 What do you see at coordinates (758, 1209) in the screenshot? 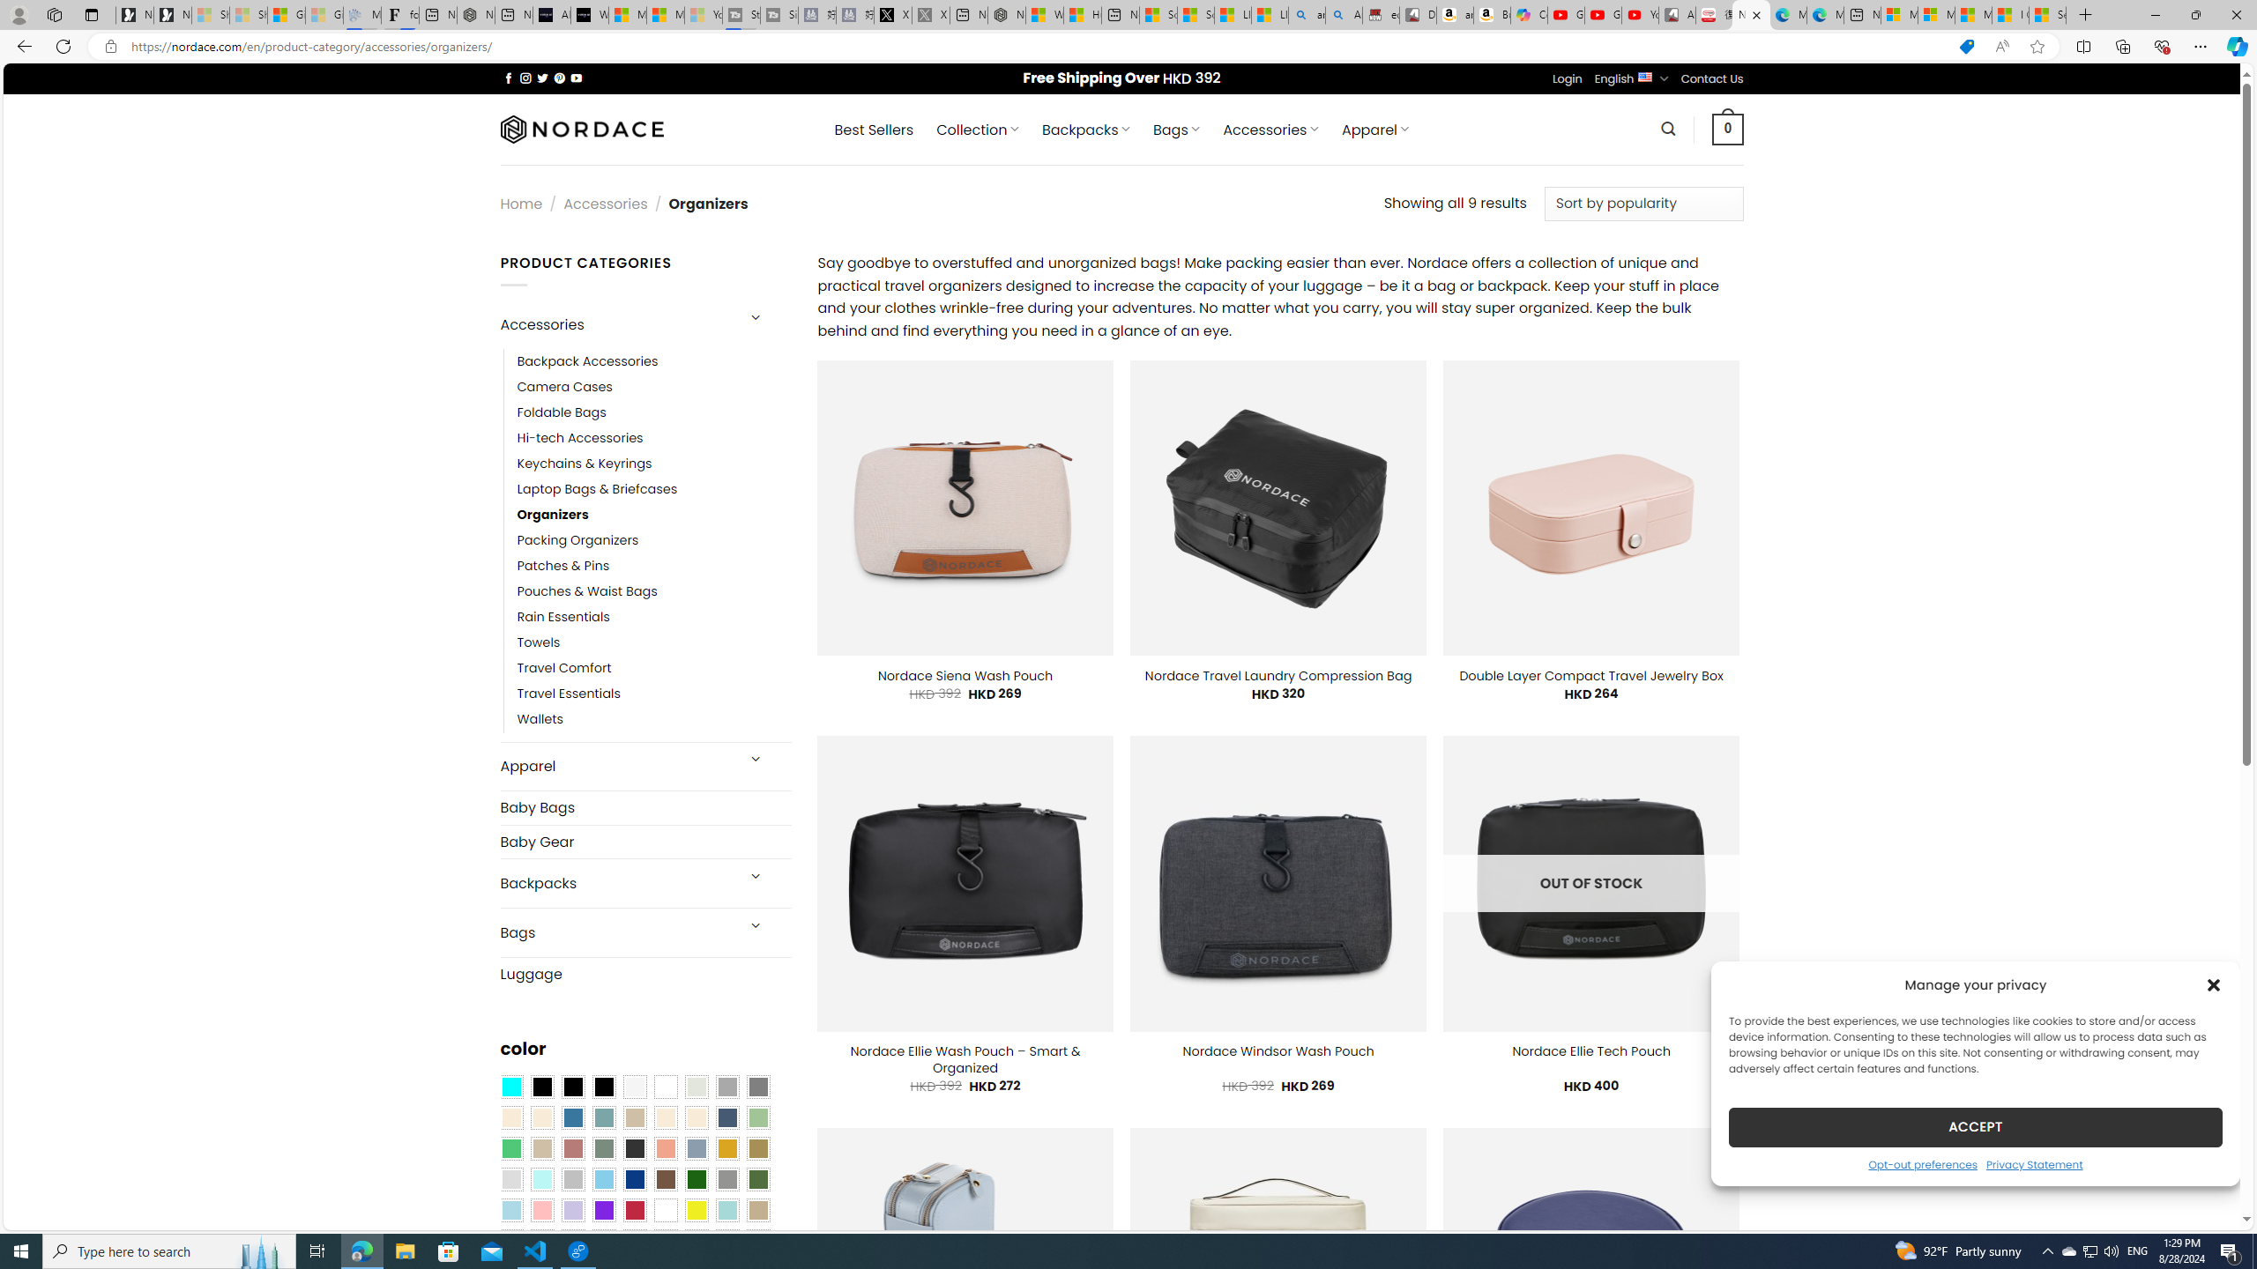
I see `'Khaki'` at bounding box center [758, 1209].